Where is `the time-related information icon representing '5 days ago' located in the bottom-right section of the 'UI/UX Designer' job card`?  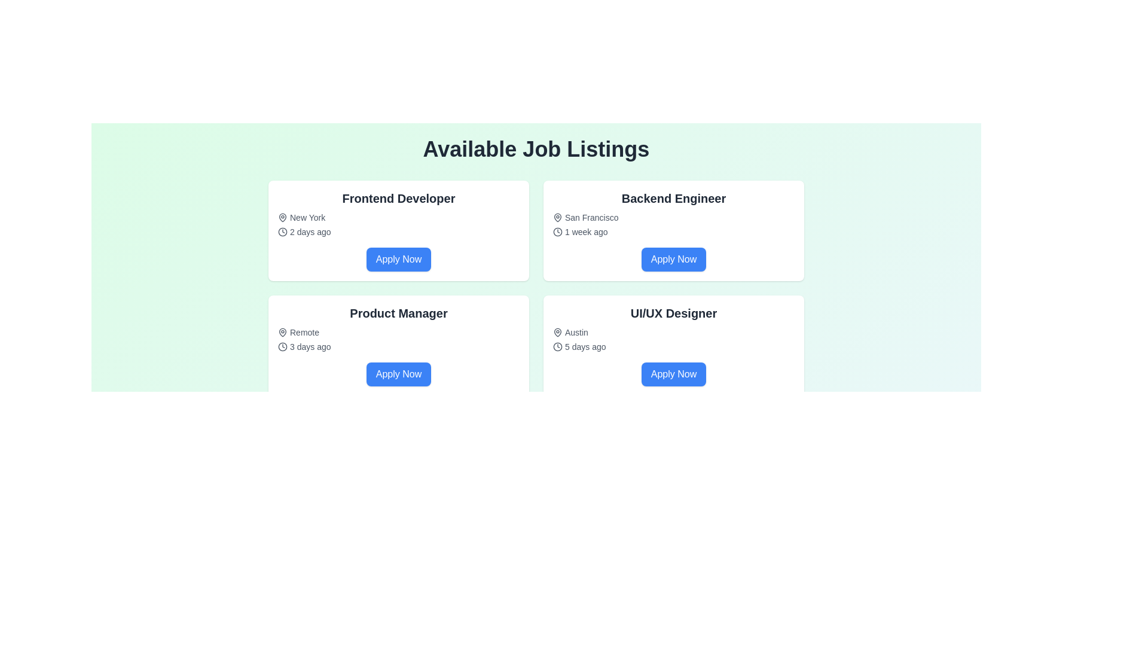
the time-related information icon representing '5 days ago' located in the bottom-right section of the 'UI/UX Designer' job card is located at coordinates (557, 346).